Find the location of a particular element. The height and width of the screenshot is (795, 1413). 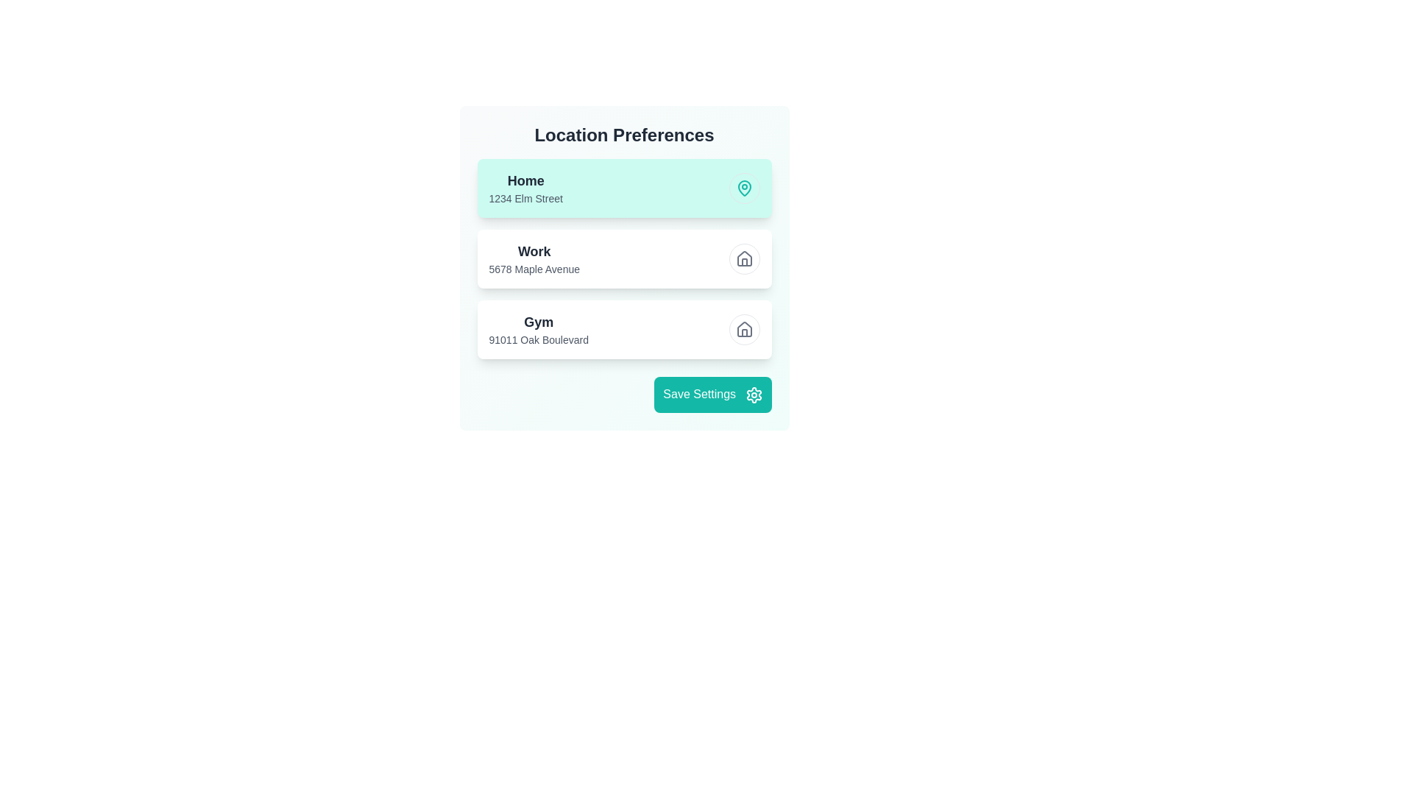

'Save Settings' button to save the changes is located at coordinates (712, 394).